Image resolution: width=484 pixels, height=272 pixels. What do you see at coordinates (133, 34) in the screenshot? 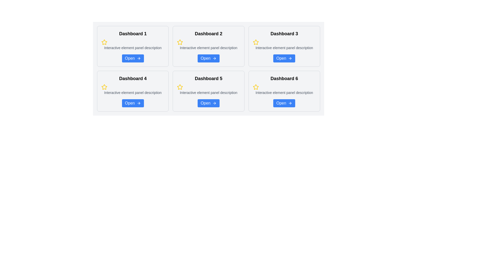
I see `the text label titled 'Dashboard 1', which serves as the title for the card located at the top center of the card in a 2x3 grid layout` at bounding box center [133, 34].